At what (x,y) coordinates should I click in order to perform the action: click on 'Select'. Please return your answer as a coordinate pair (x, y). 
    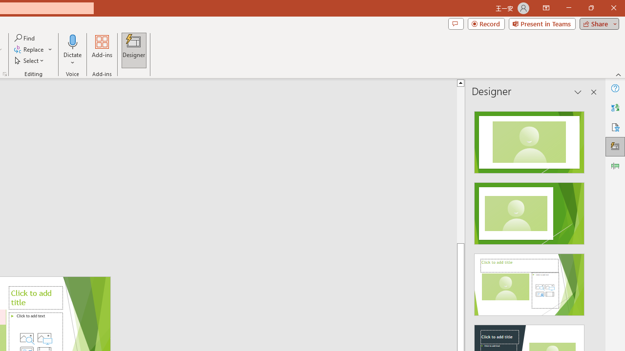
    Looking at the image, I should click on (30, 60).